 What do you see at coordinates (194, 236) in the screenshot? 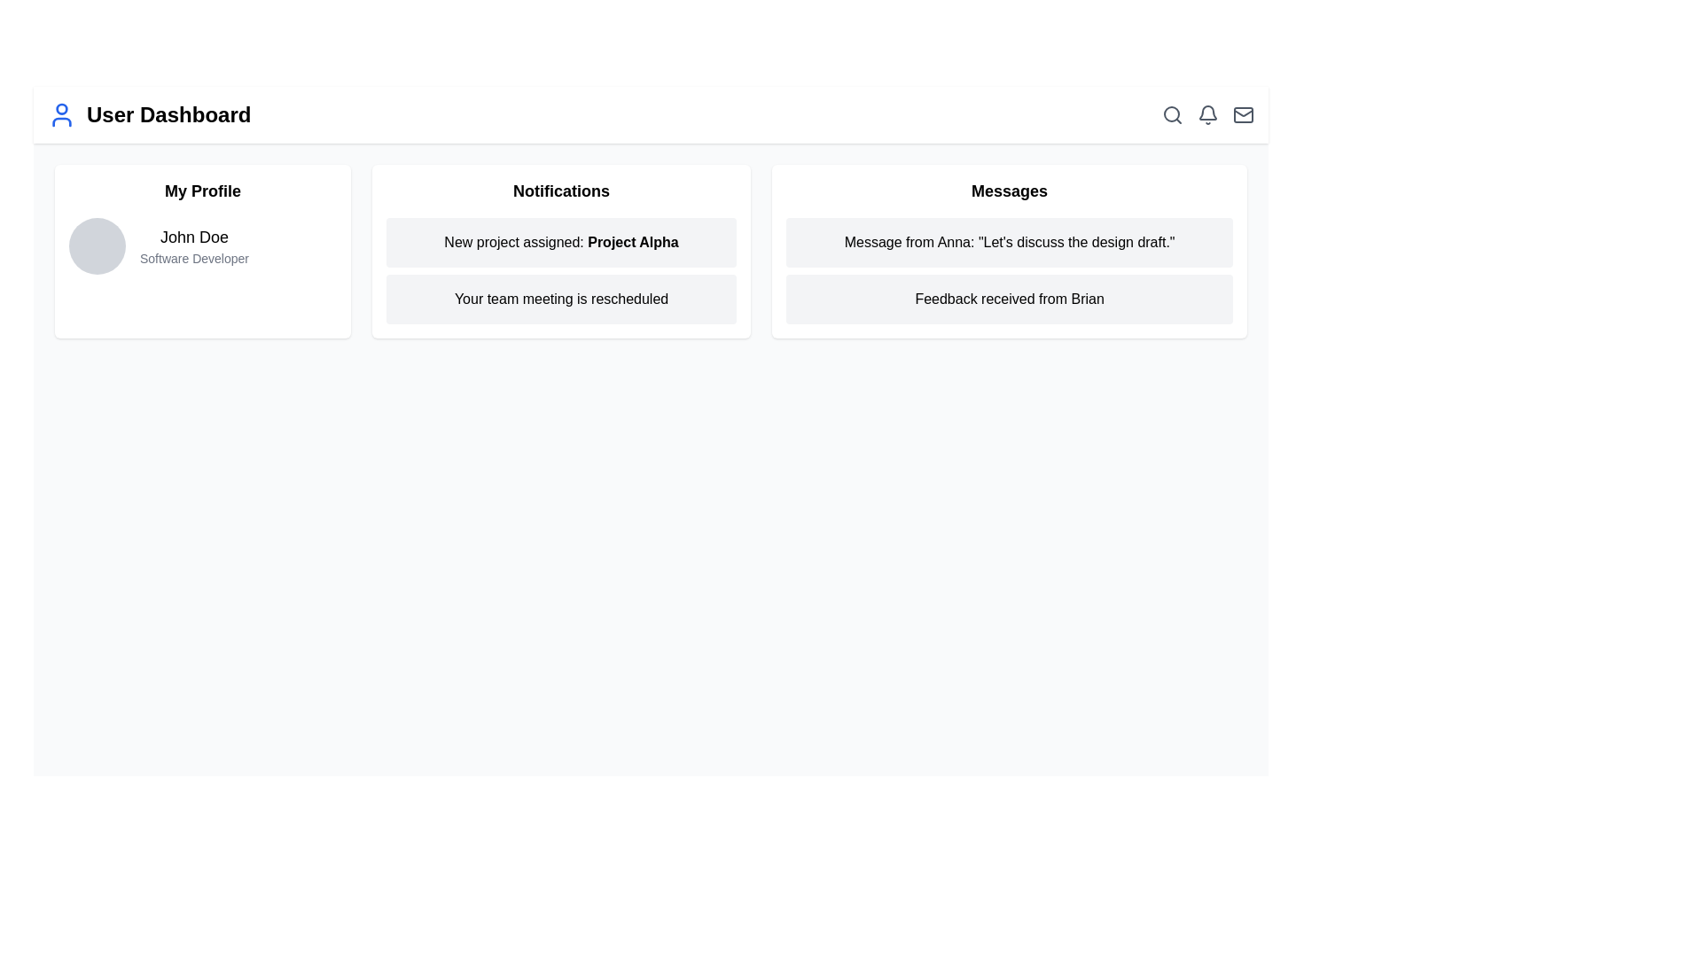
I see `the bold text label displaying the name 'John Doe' located at the top-left area of the 'My Profile' card` at bounding box center [194, 236].